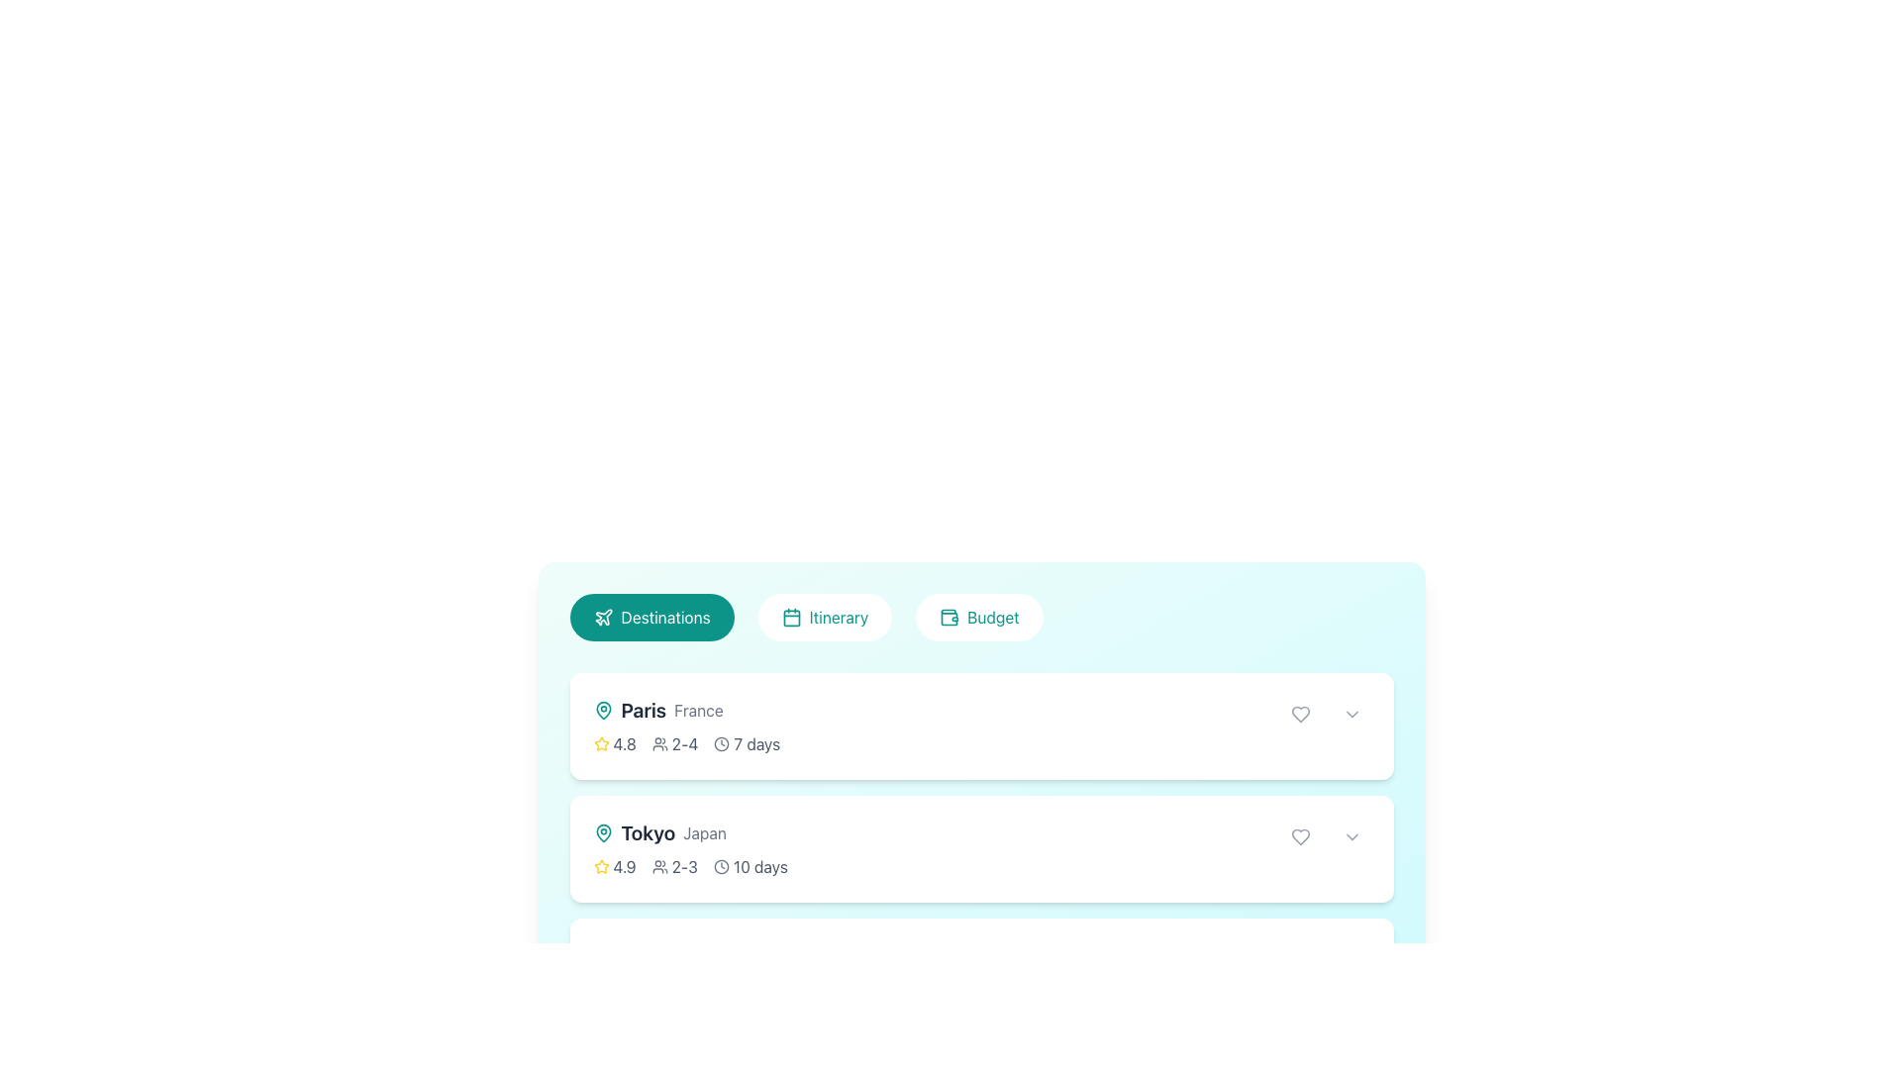 The width and height of the screenshot is (1901, 1069). Describe the element at coordinates (602, 709) in the screenshot. I see `the teal teardrop-shaped pin icon located in the bottom-left corner of the 'Tokyo, Japan' entry` at that location.